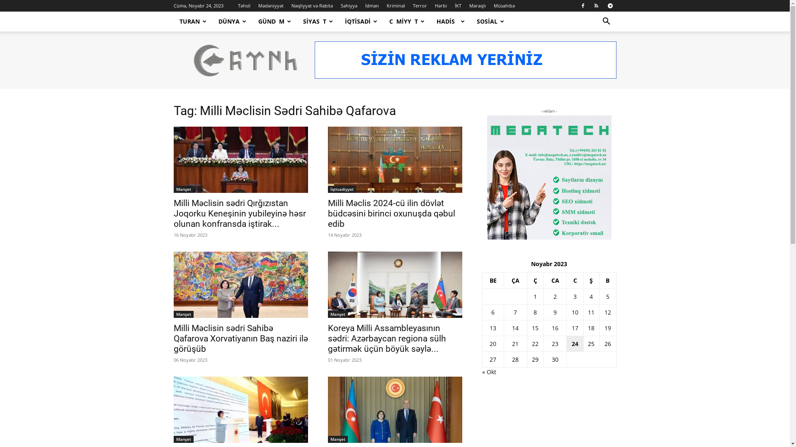 Image resolution: width=796 pixels, height=447 pixels. I want to click on '3', so click(573, 296).